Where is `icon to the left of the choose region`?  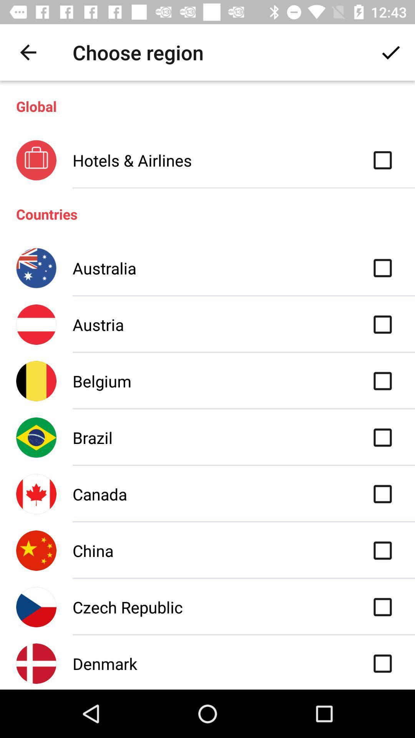
icon to the left of the choose region is located at coordinates (28, 52).